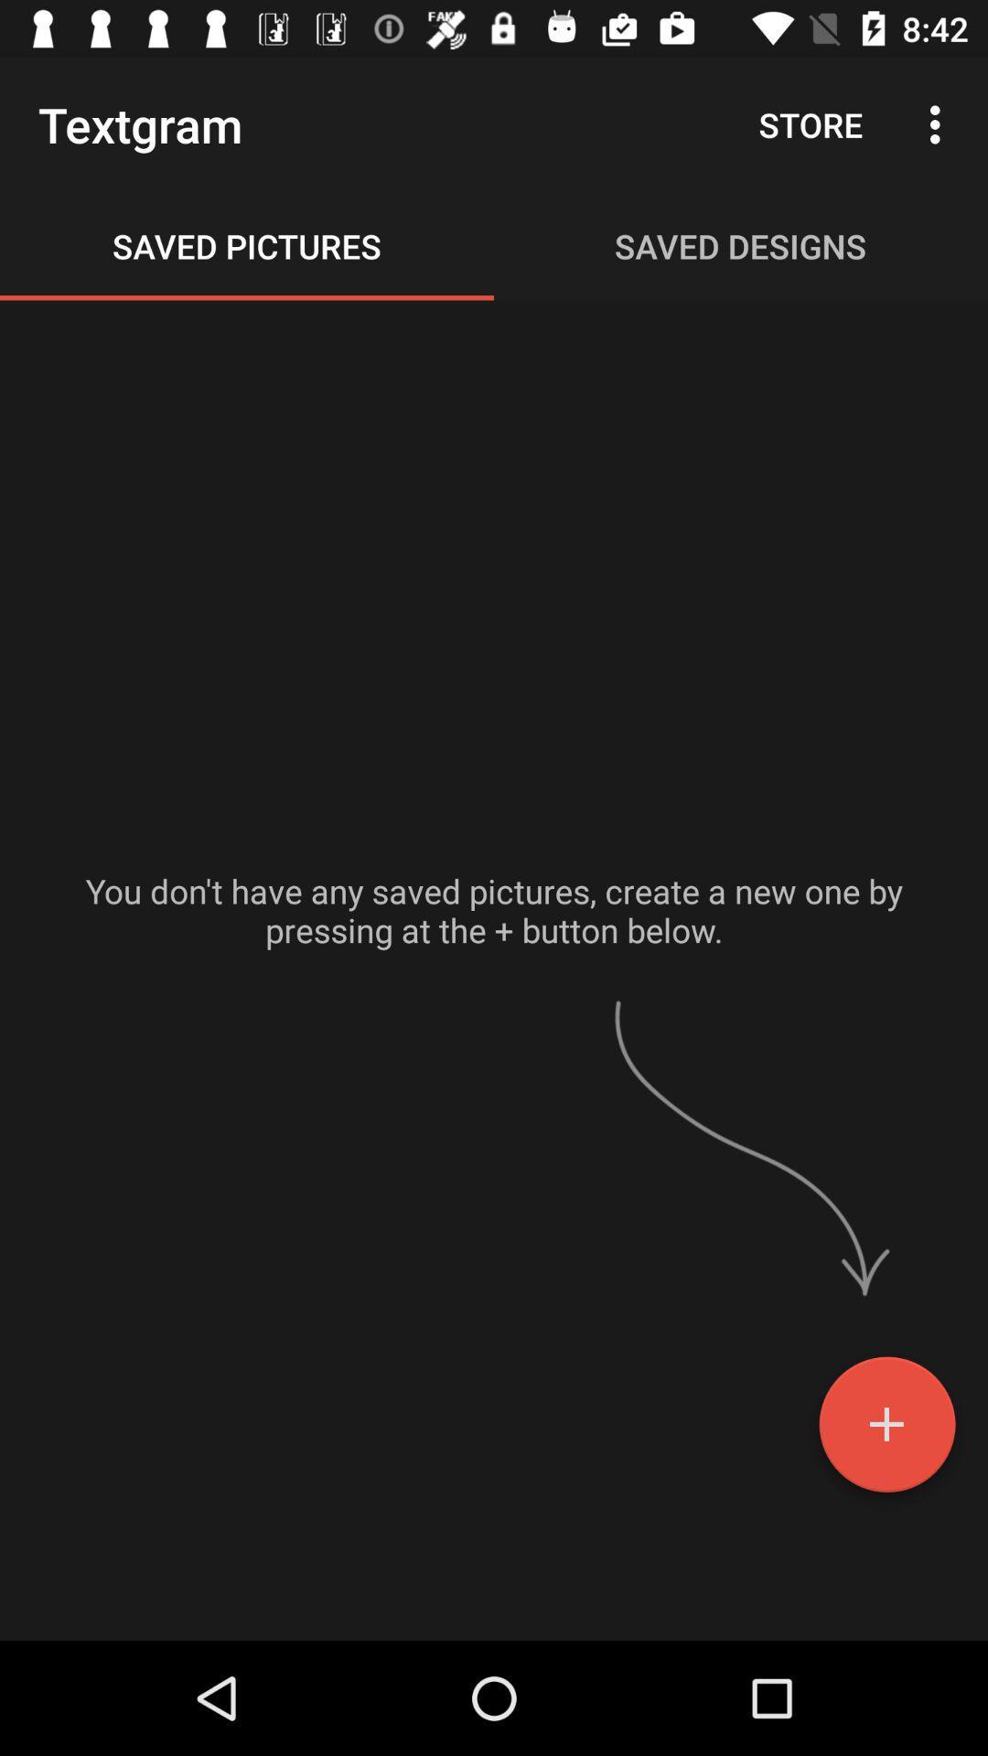 This screenshot has height=1756, width=988. I want to click on new picture, so click(886, 1430).